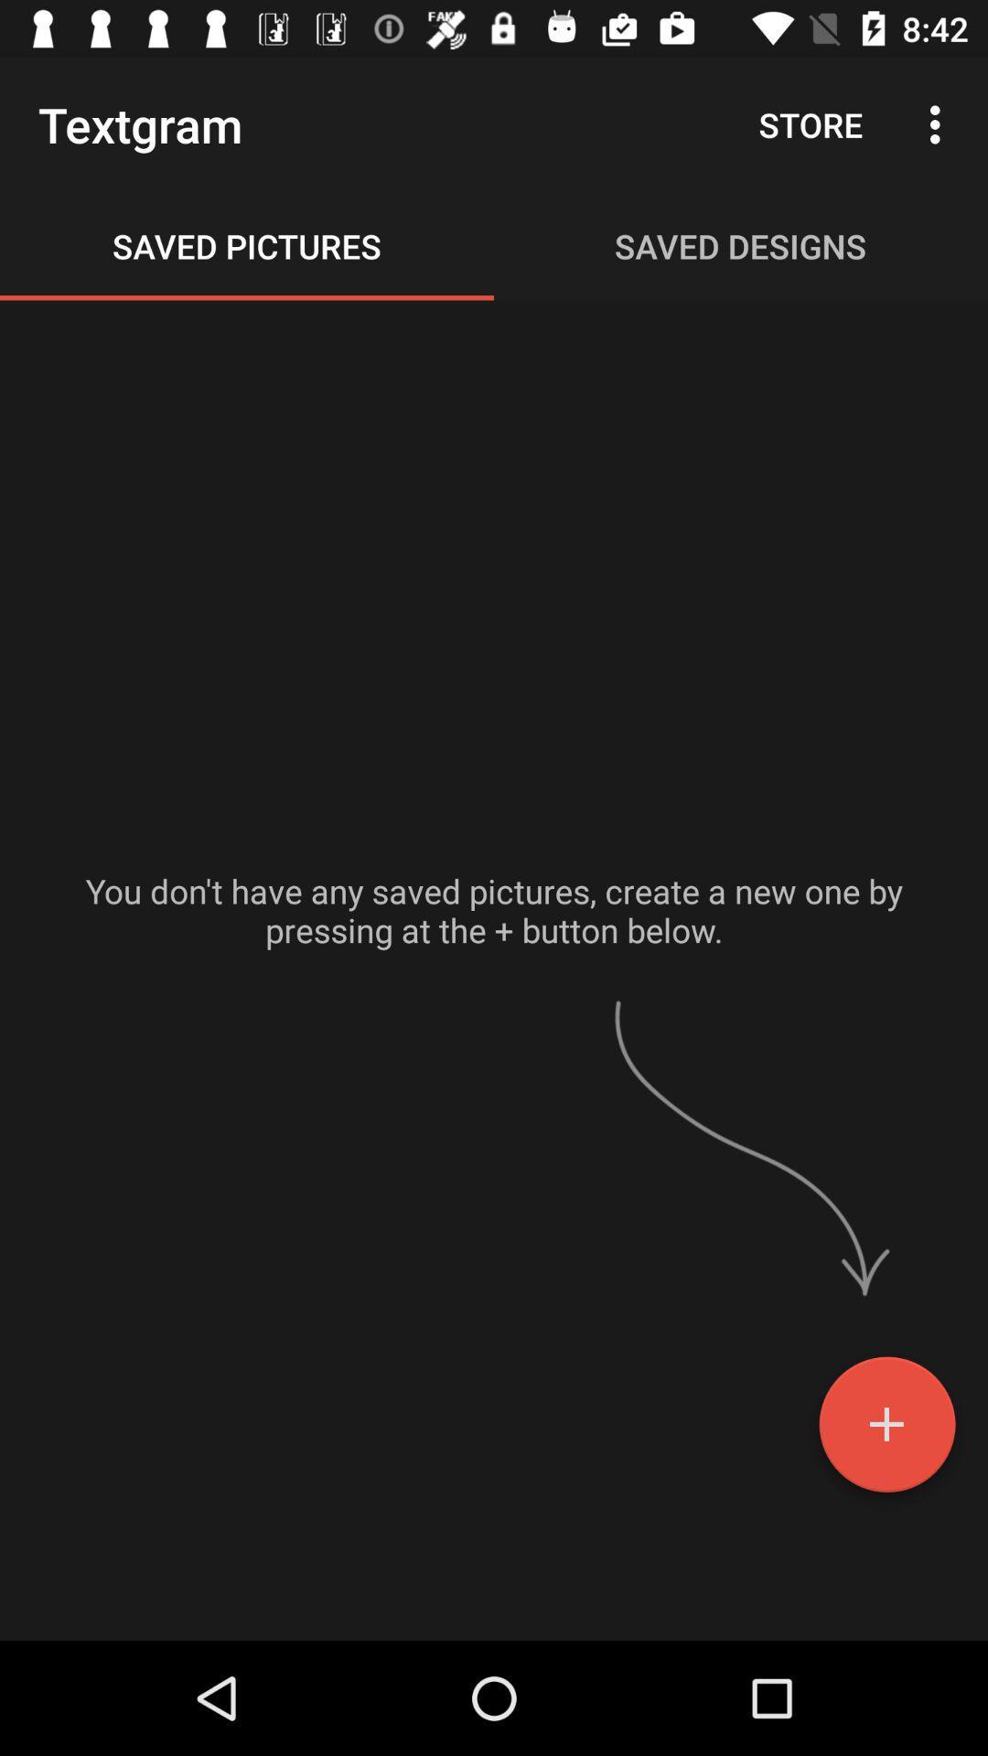 This screenshot has height=1756, width=988. I want to click on new picture, so click(886, 1430).